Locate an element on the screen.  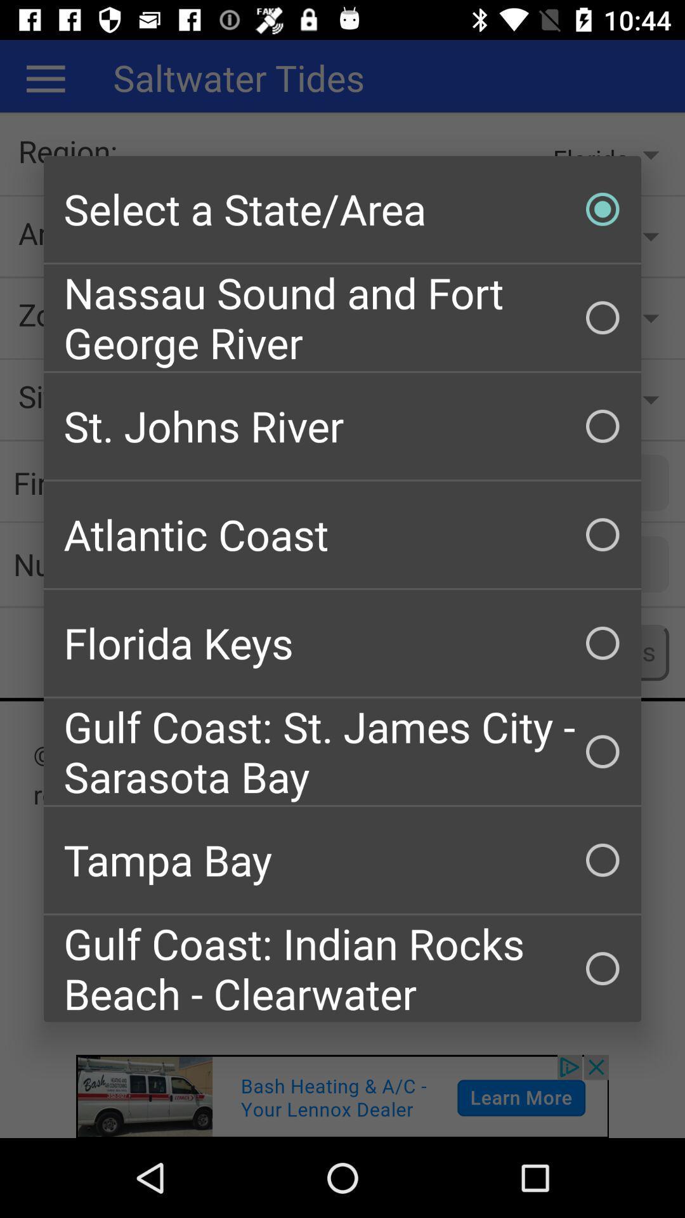
checkbox above the nassau sound and is located at coordinates (342, 209).